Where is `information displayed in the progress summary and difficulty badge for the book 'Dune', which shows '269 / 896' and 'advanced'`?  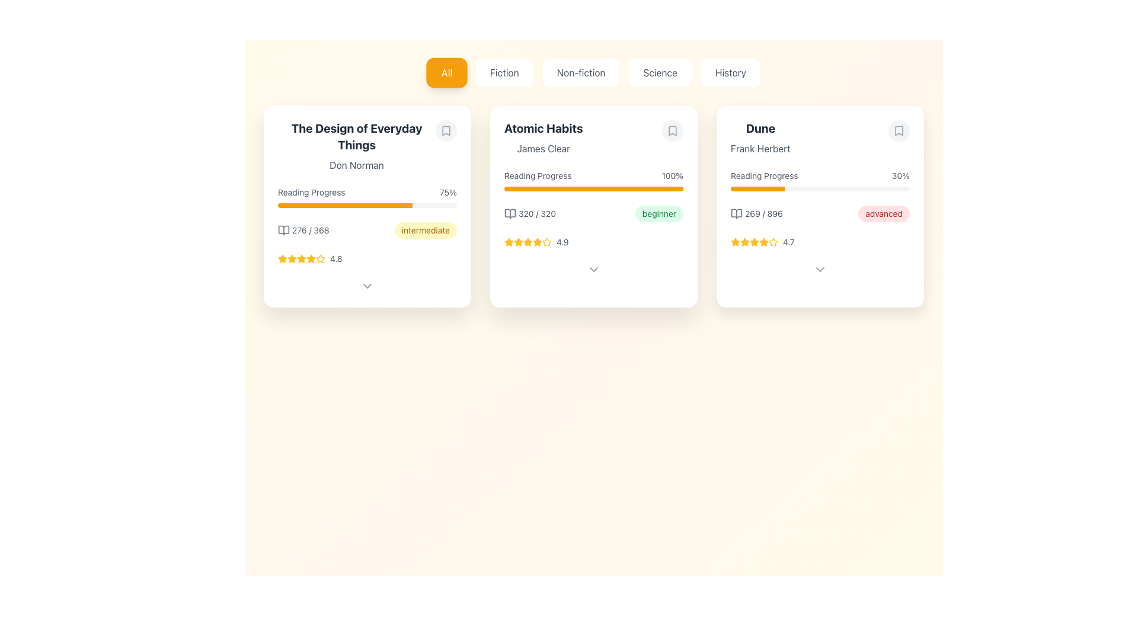
information displayed in the progress summary and difficulty badge for the book 'Dune', which shows '269 / 896' and 'advanced' is located at coordinates (819, 214).